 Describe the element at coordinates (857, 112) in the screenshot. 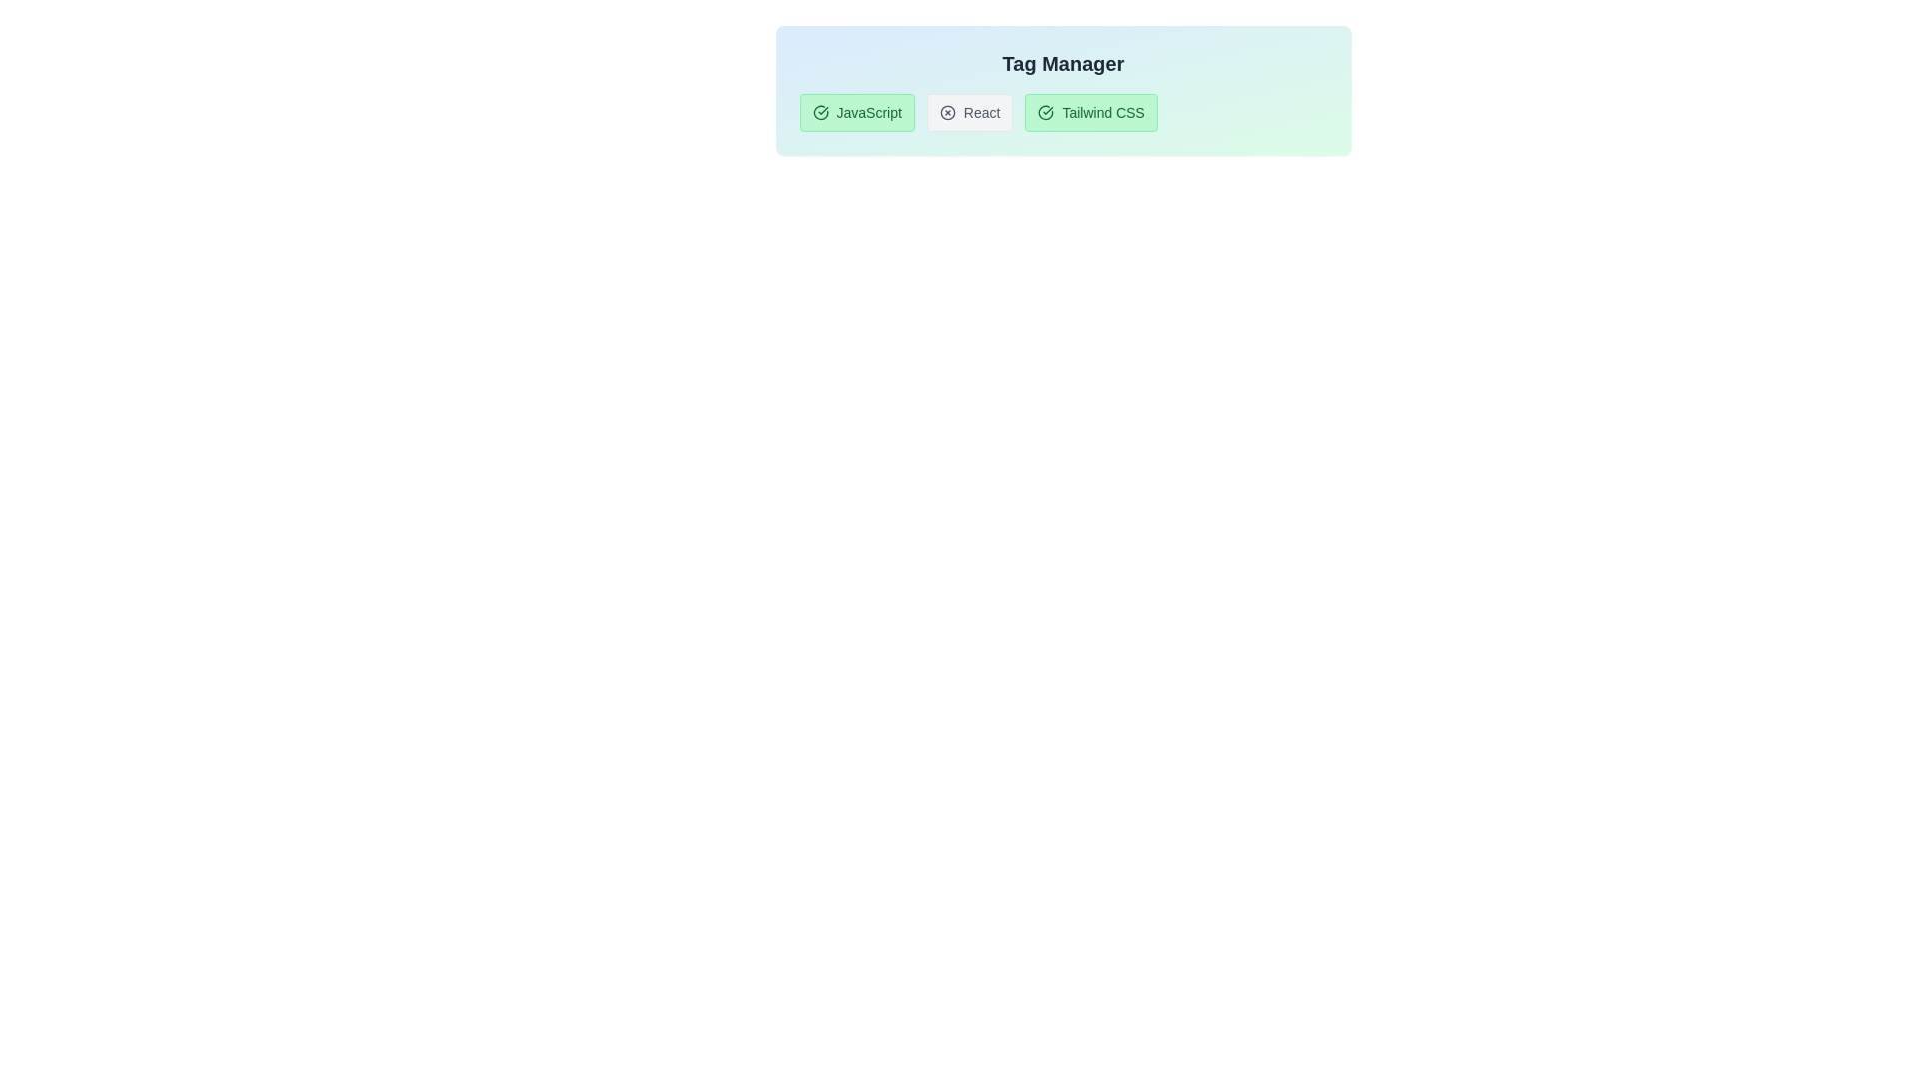

I see `the tag JavaScript to open its context menu` at that location.